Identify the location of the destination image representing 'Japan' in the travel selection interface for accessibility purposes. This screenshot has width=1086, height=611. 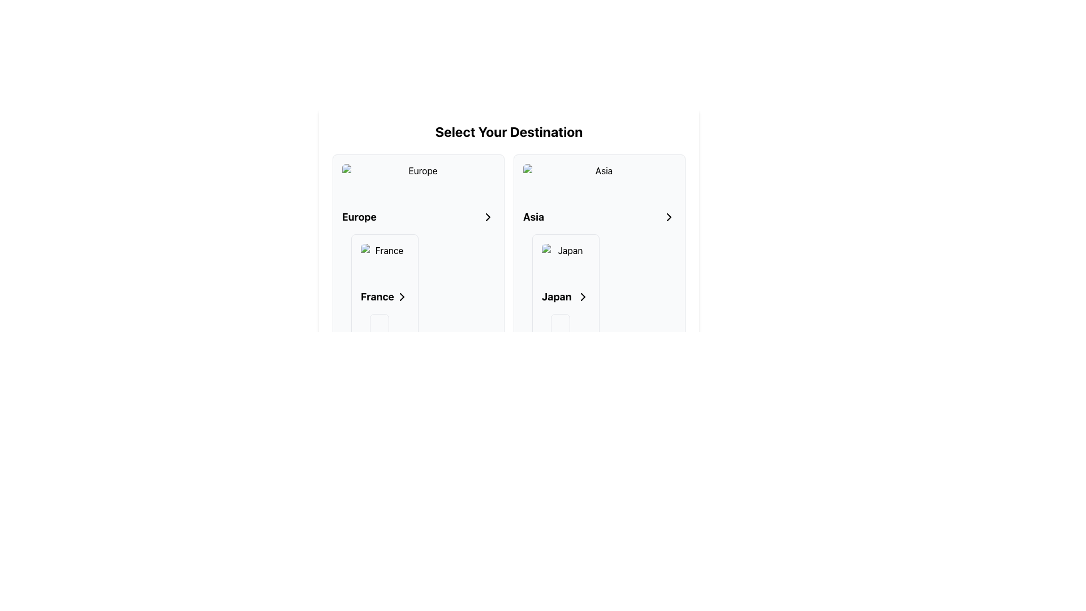
(566, 261).